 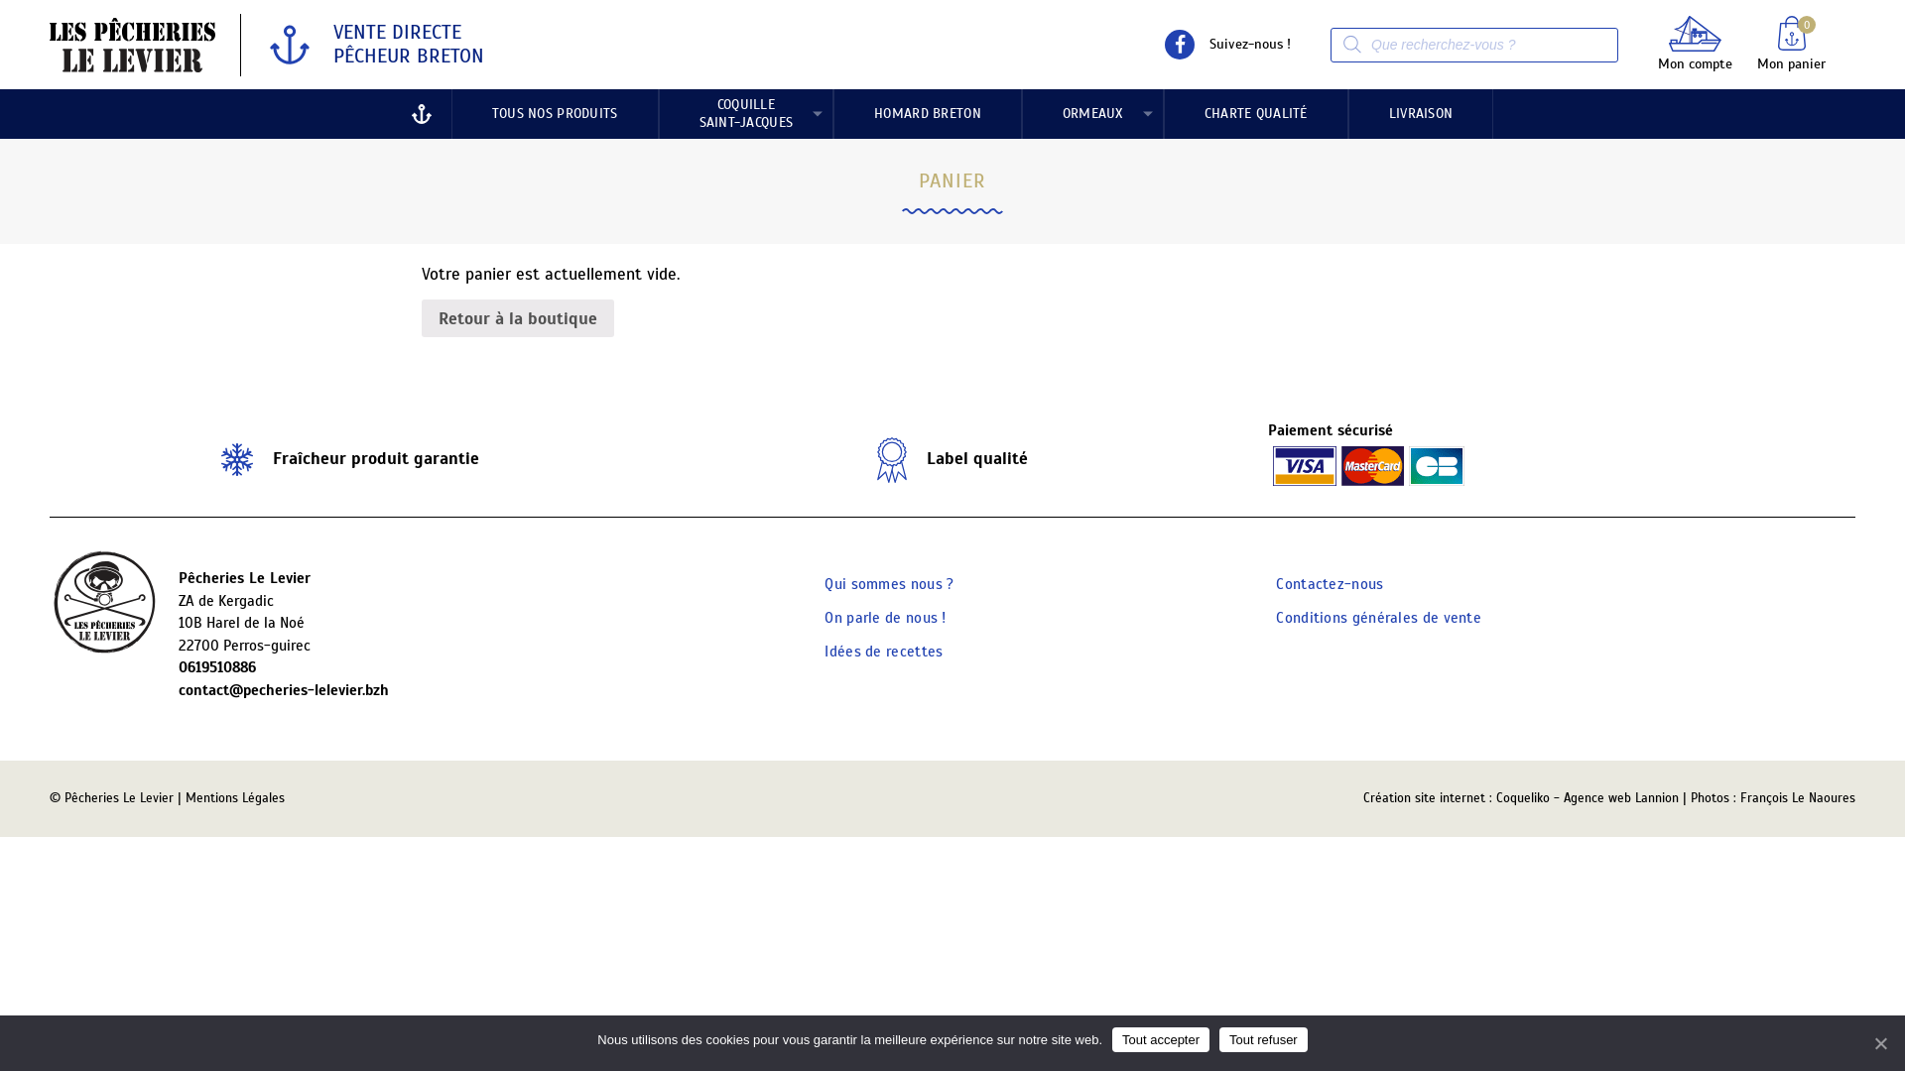 I want to click on 'LIVRAISON', so click(x=1420, y=114).